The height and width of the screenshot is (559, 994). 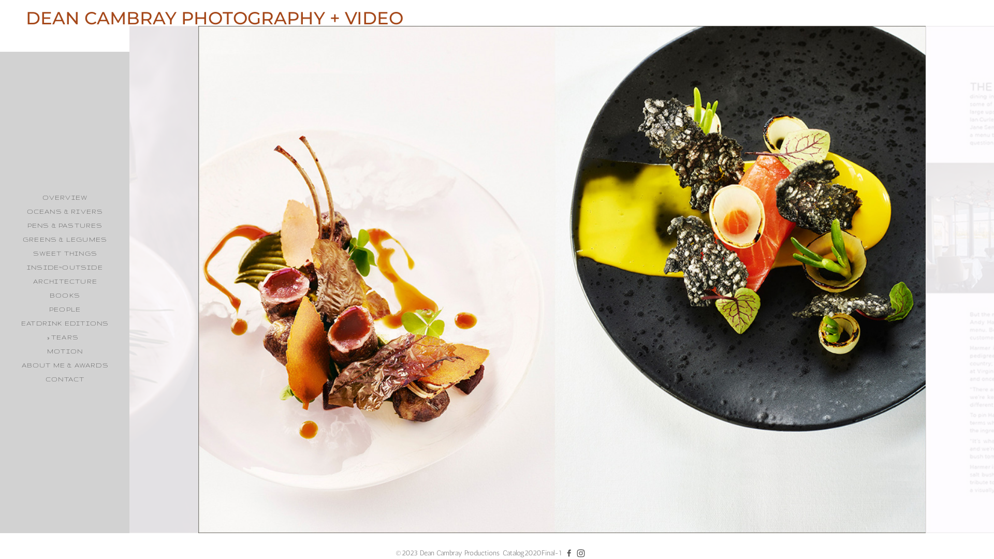 What do you see at coordinates (64, 322) in the screenshot?
I see `'EATDRINK EDITIONS'` at bounding box center [64, 322].